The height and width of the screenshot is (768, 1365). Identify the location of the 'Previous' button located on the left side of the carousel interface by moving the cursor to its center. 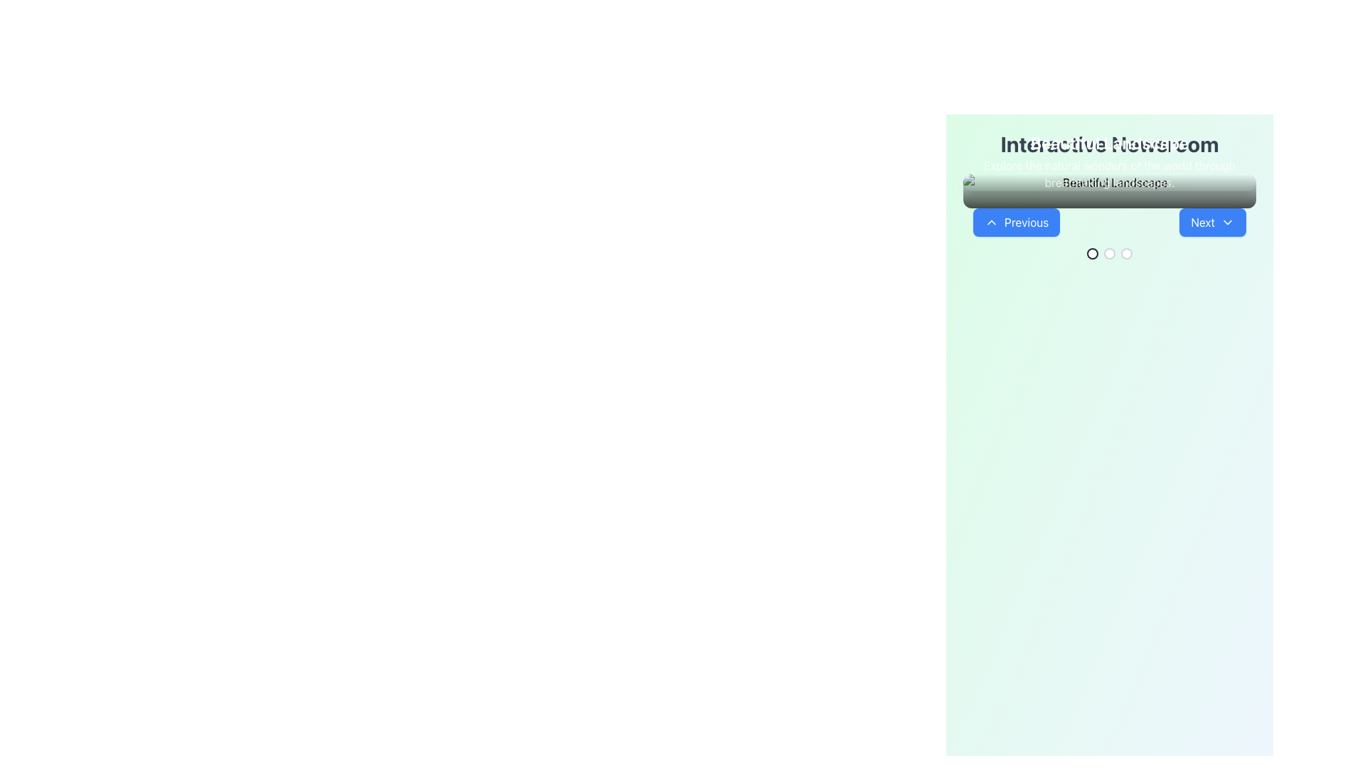
(1016, 222).